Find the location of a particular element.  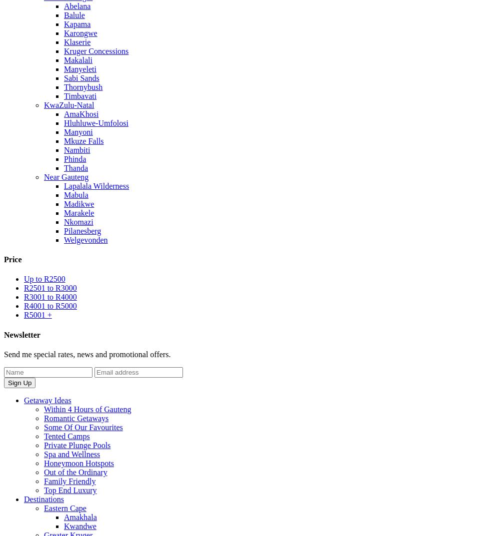

'R4001 to R5000' is located at coordinates (24, 305).